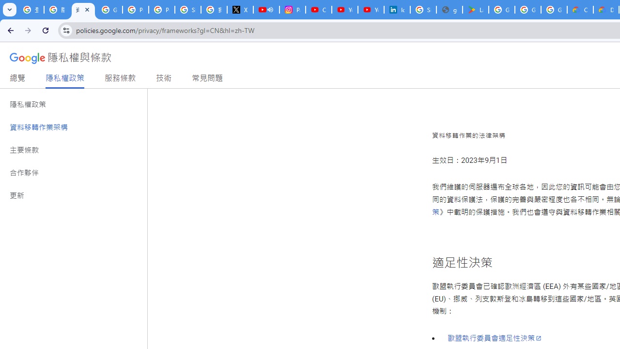  What do you see at coordinates (371, 10) in the screenshot?
I see `'YouTube Culture & Trends - YouTube Top 10, 2021'` at bounding box center [371, 10].